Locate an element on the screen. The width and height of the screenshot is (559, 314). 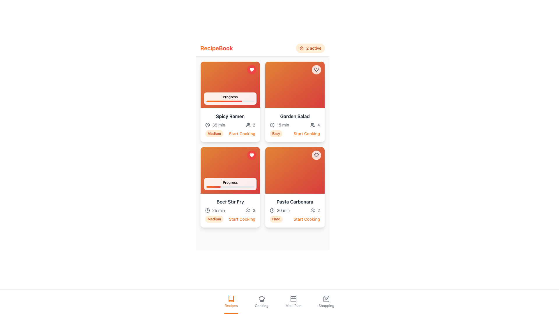
the difficulty indicator label for the 'Pasta Carbonara' recipe, located at the bottom-left of its card, next to the 'Start Cooking' link is located at coordinates (276, 219).